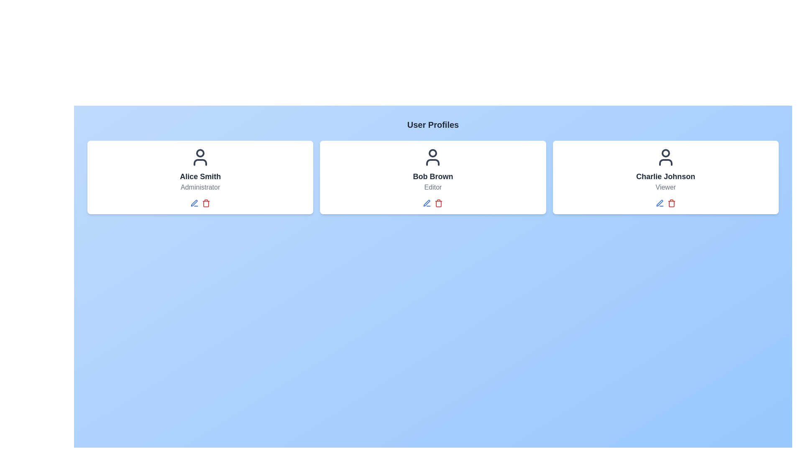 The image size is (803, 451). I want to click on the small circular graphical element representing user Bob Brown's avatar, which is located centrally at the top of the card containing his name, so click(433, 153).